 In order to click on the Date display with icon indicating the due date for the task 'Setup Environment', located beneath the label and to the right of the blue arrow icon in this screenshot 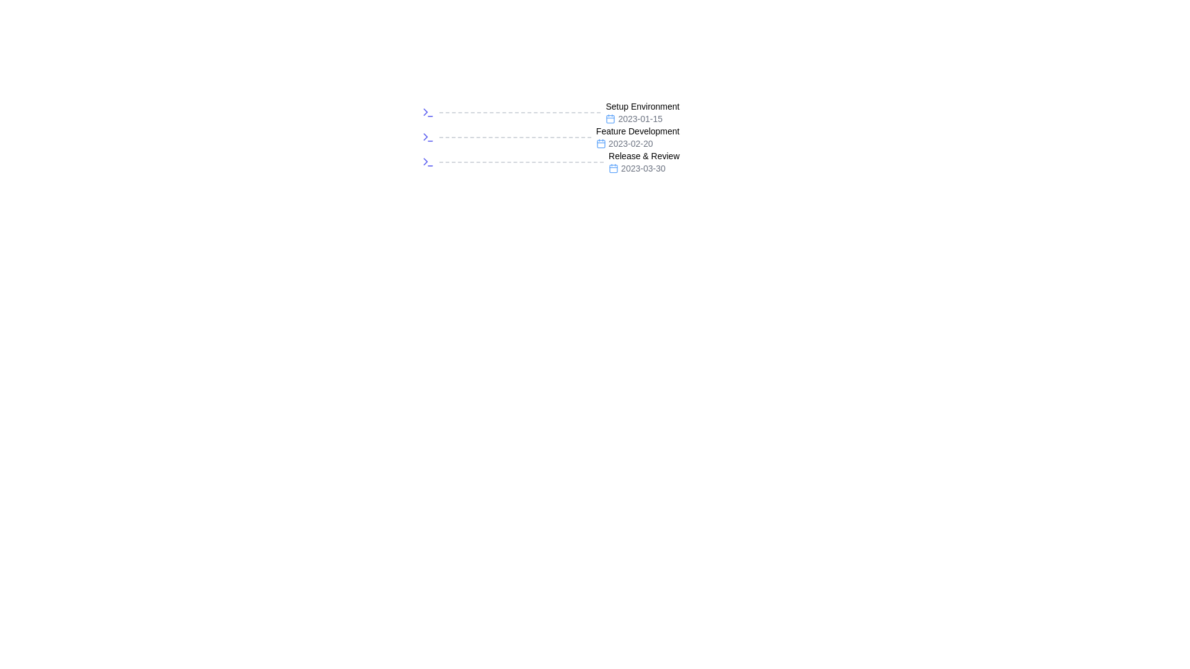, I will do `click(642, 119)`.